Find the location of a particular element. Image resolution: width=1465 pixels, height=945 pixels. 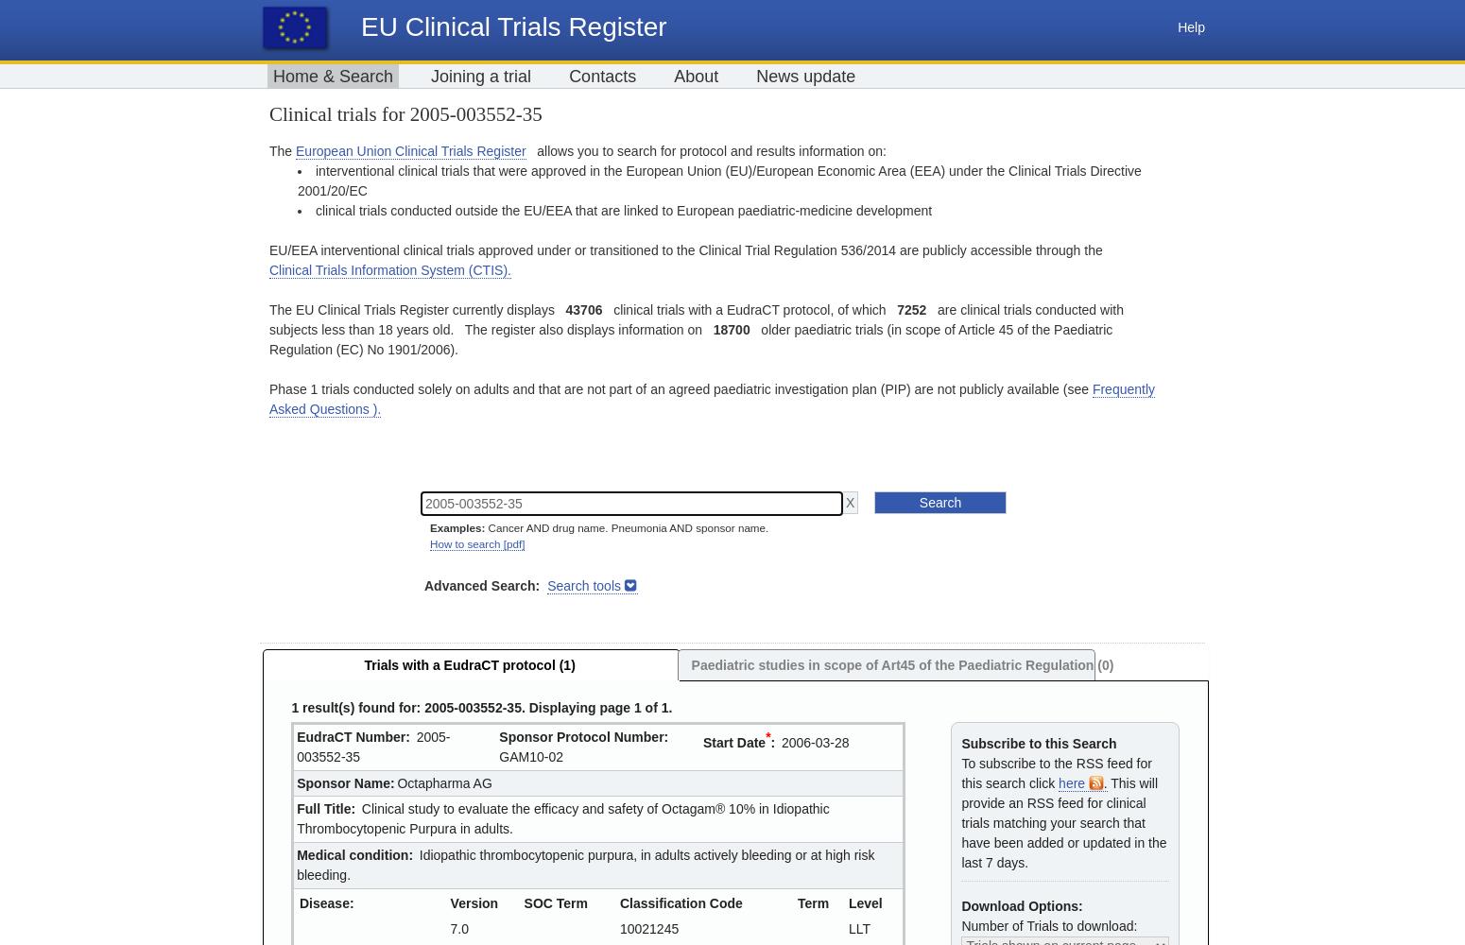

'Start Date' is located at coordinates (703, 742).